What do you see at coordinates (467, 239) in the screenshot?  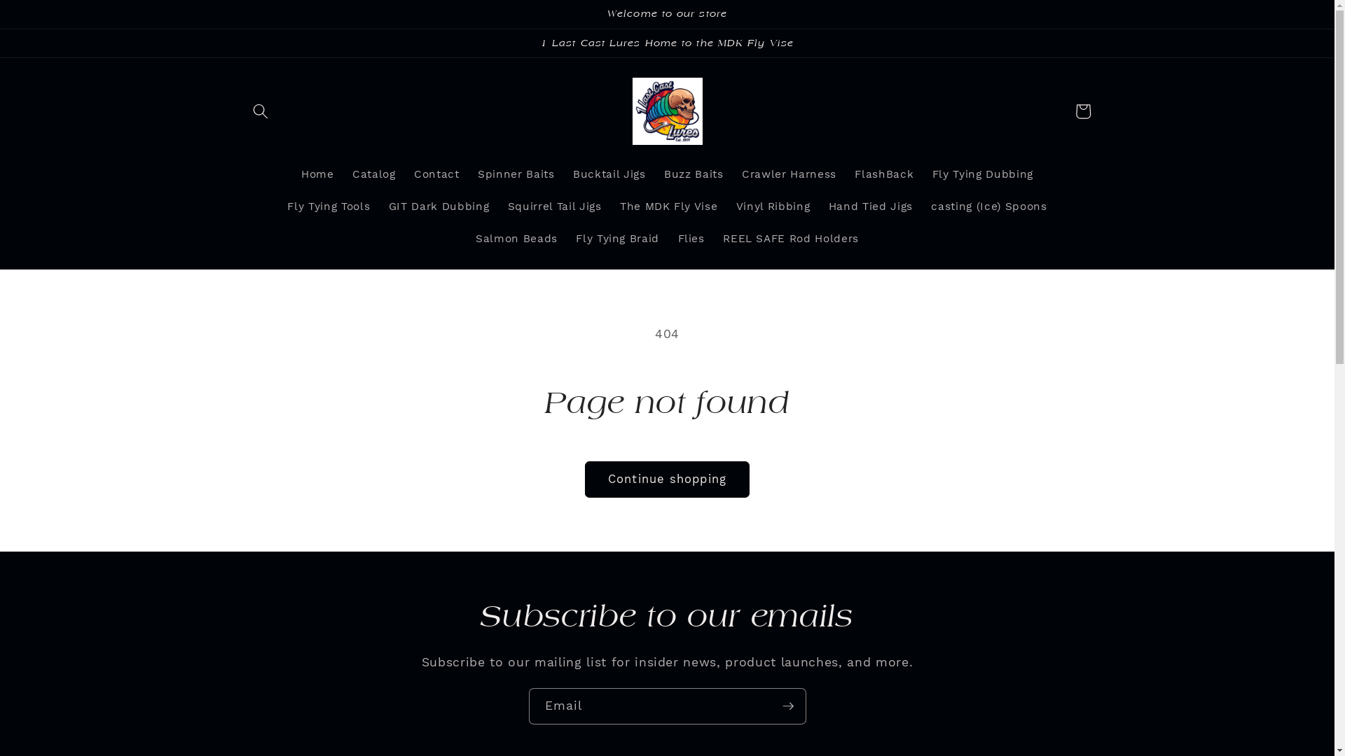 I see `'Salmon Beads'` at bounding box center [467, 239].